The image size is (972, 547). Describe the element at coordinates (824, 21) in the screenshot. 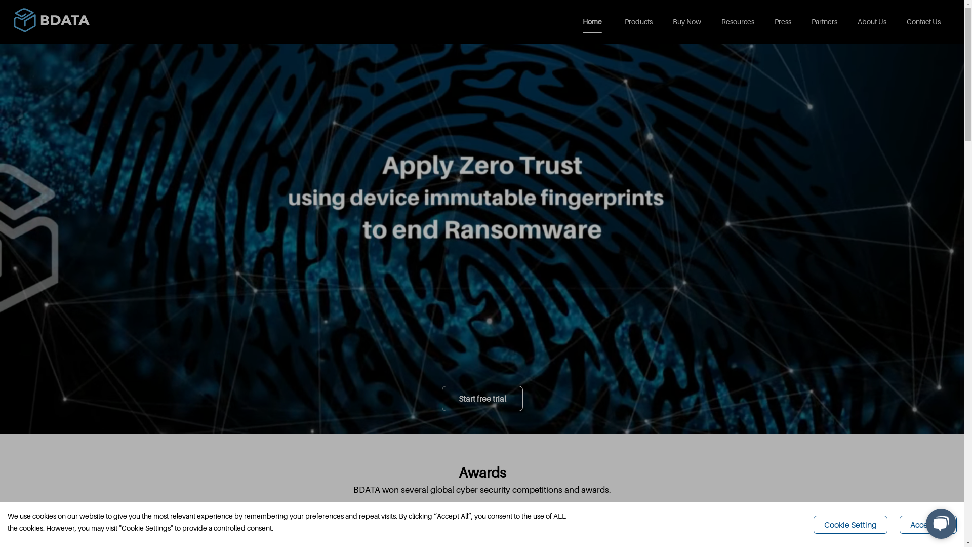

I see `'Partners'` at that location.